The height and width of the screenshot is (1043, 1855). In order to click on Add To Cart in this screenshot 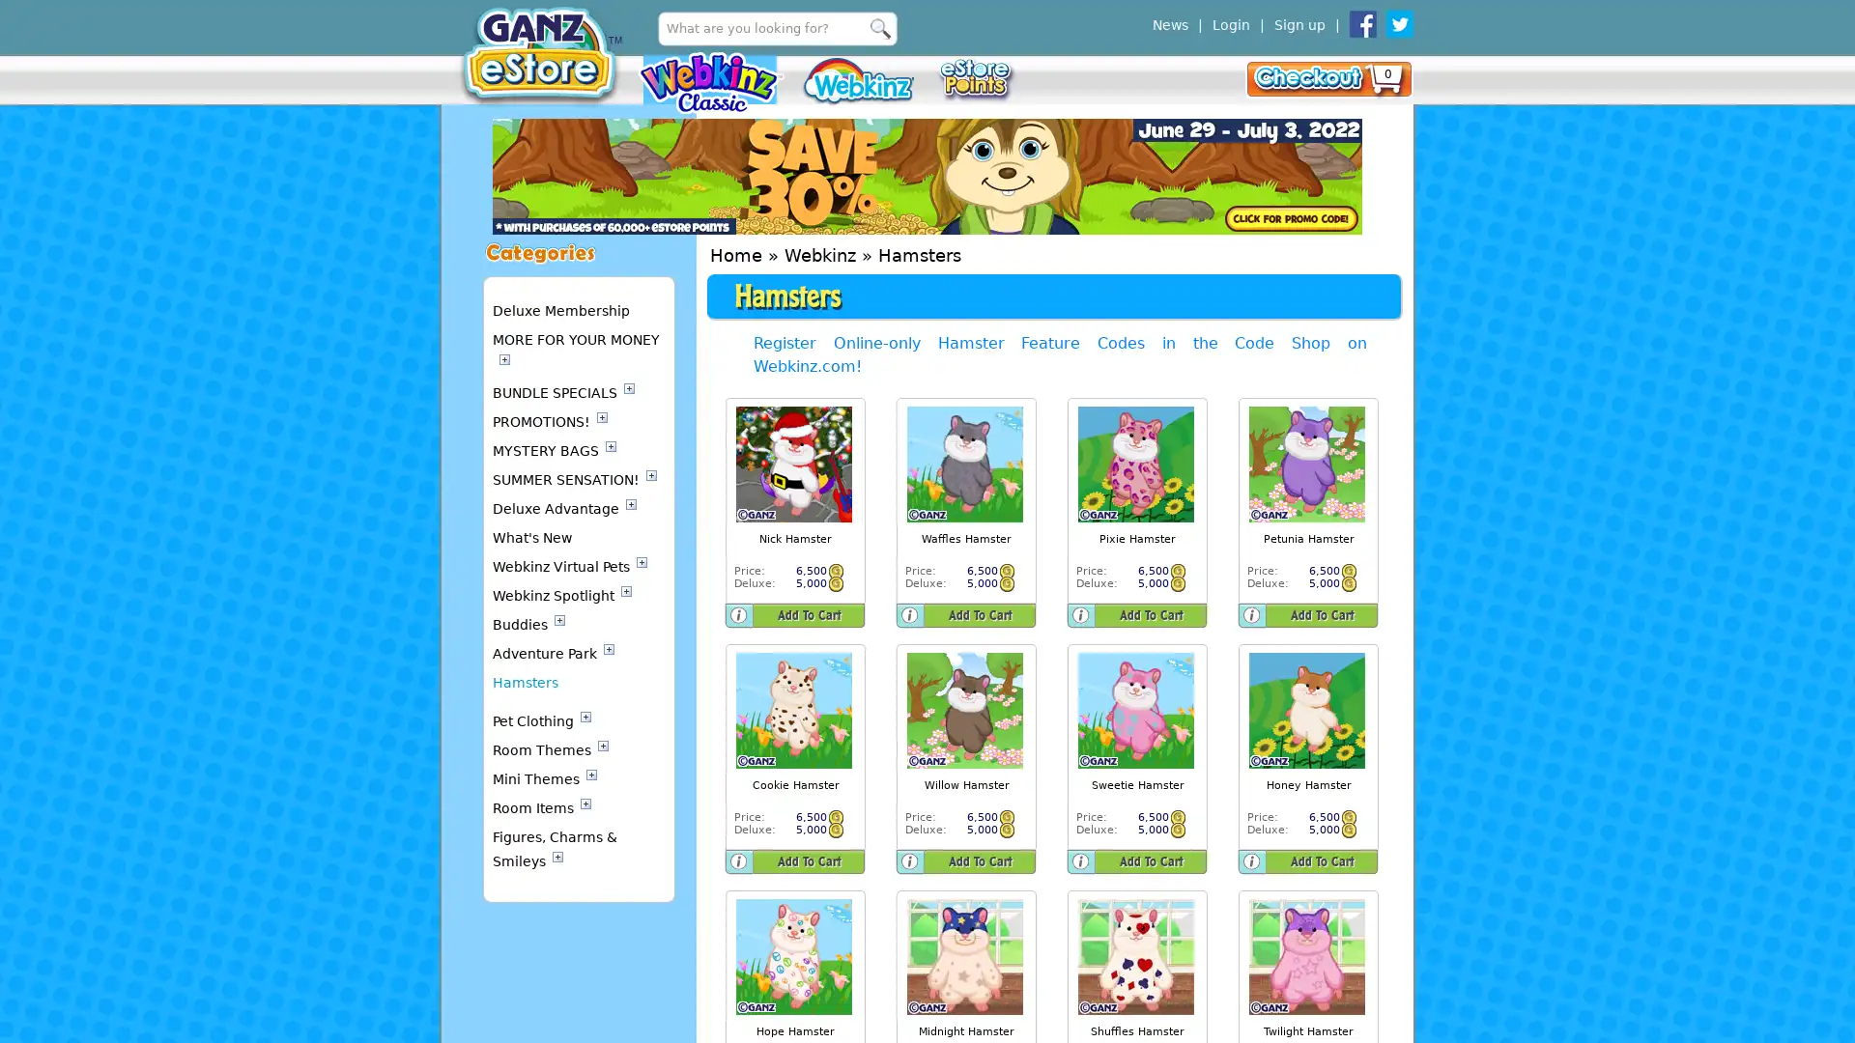, I will do `click(980, 860)`.